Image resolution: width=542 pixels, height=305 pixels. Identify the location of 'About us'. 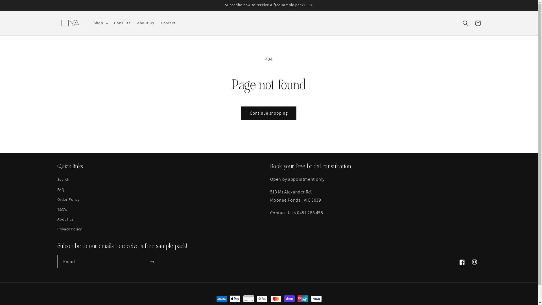
(65, 219).